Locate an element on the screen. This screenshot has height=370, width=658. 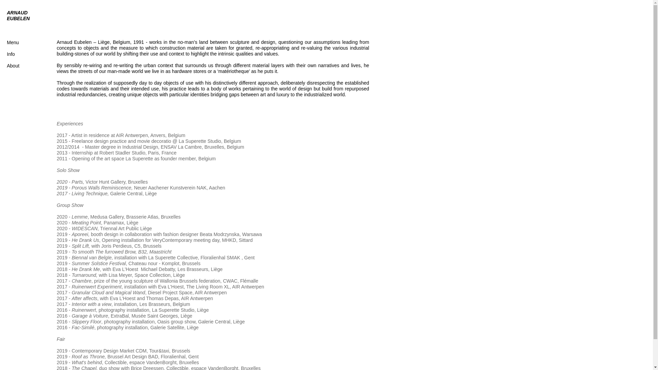
'Menu' is located at coordinates (20, 45).